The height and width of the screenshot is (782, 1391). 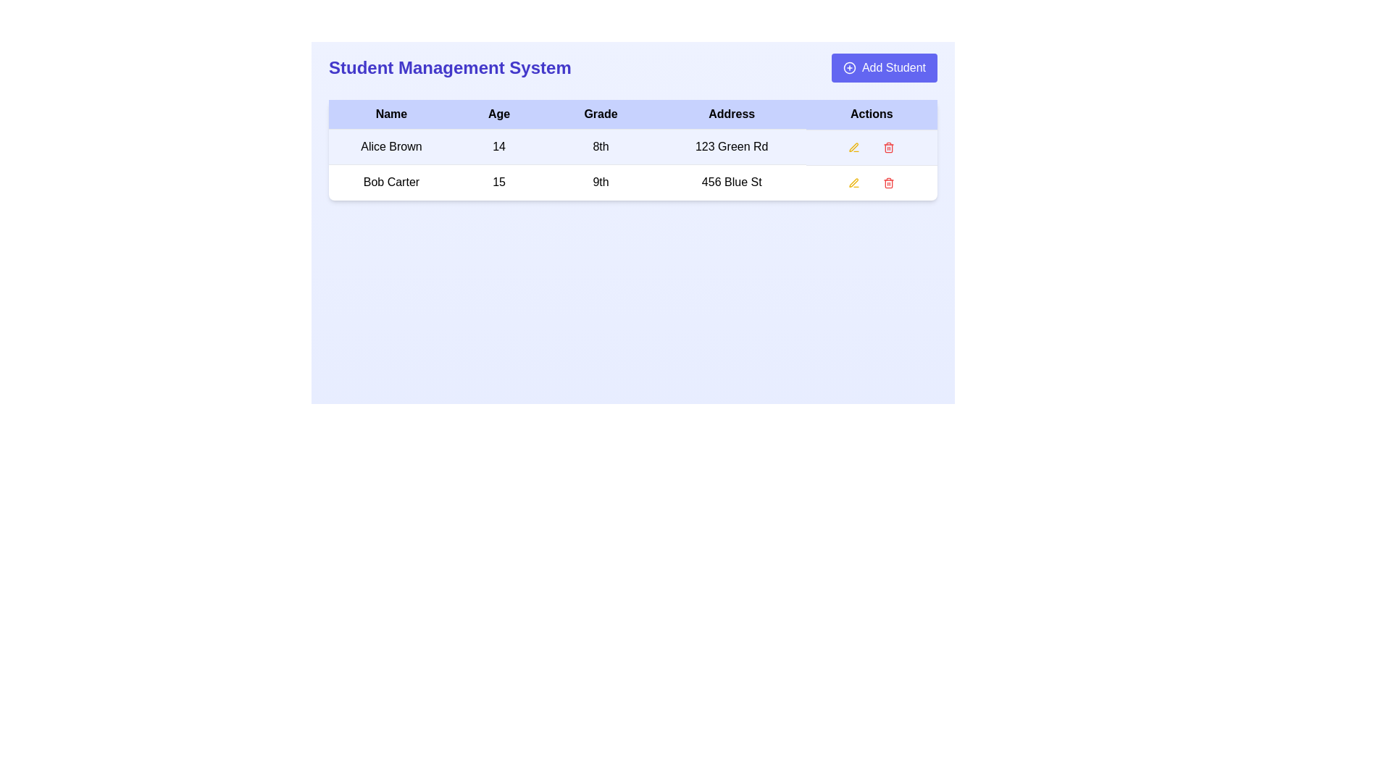 What do you see at coordinates (499, 114) in the screenshot?
I see `text of the 'Age' column header, which is located in the second column of the header row of a table, between the 'Name' and 'Grade' columns` at bounding box center [499, 114].